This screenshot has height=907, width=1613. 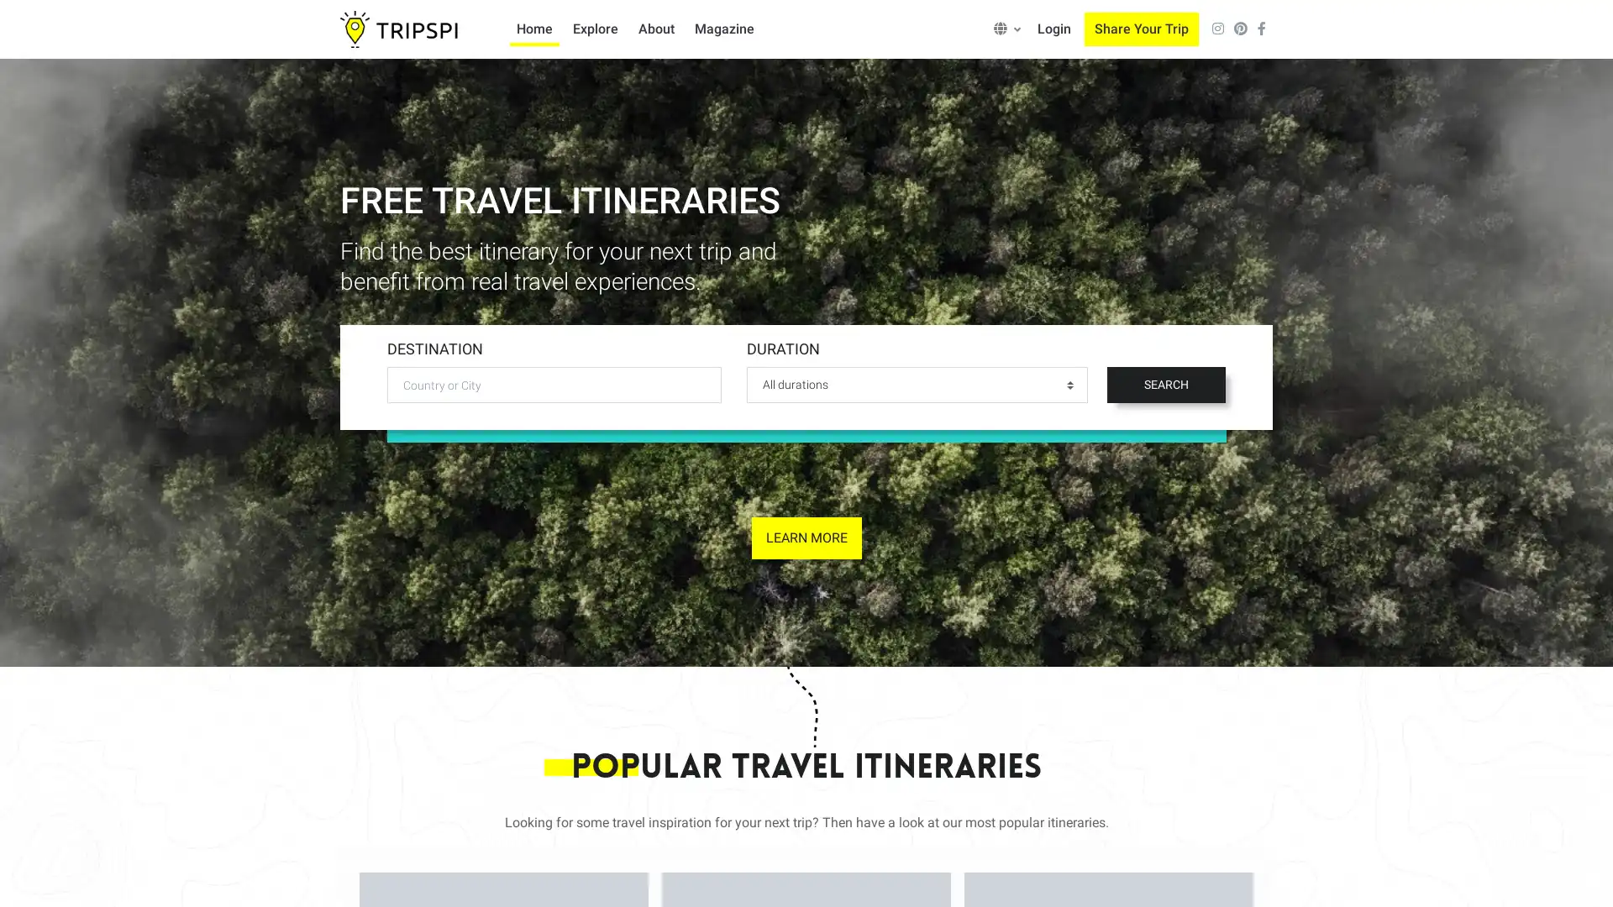 What do you see at coordinates (400, 828) in the screenshot?
I see `Accept all` at bounding box center [400, 828].